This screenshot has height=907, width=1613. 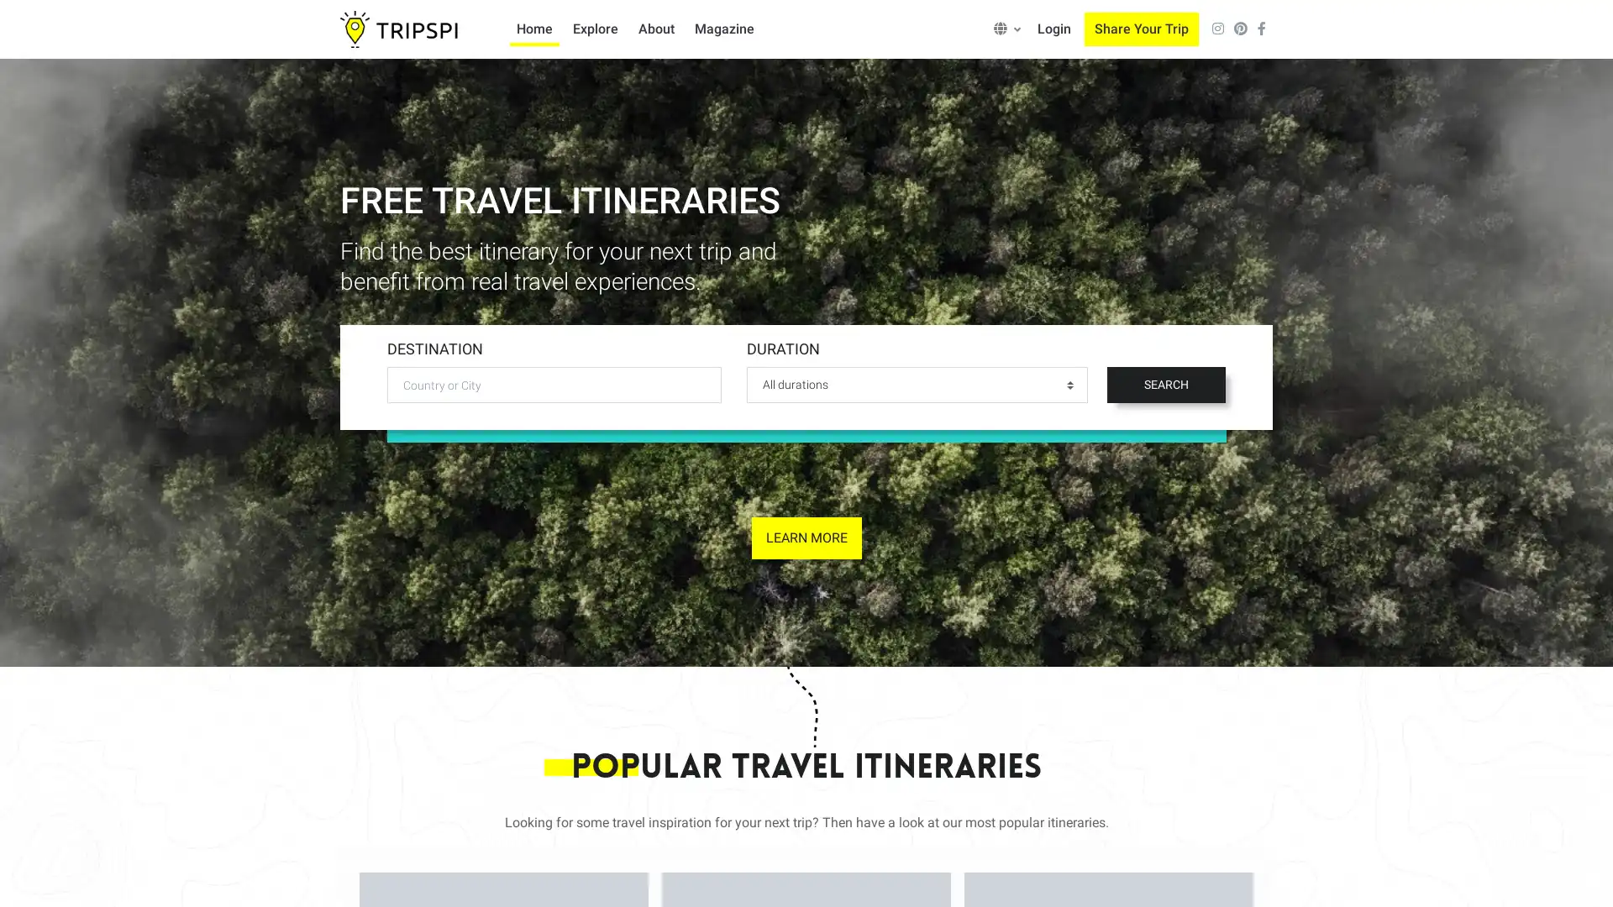 What do you see at coordinates (400, 828) in the screenshot?
I see `Accept all` at bounding box center [400, 828].